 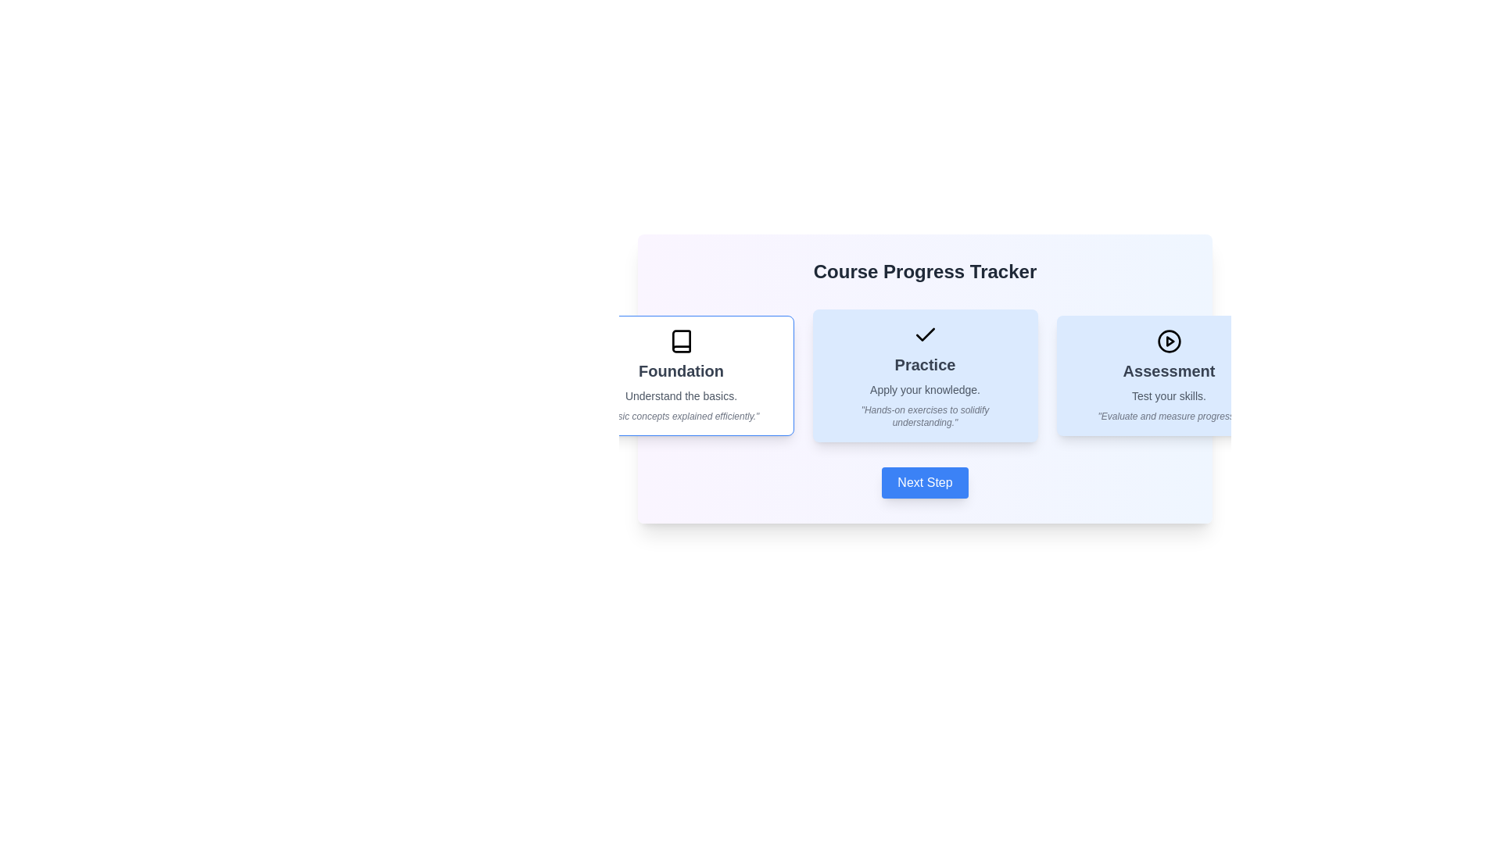 I want to click on the small, square SVG icon representing a book located at the top of the 'Foundation' section, so click(x=681, y=340).